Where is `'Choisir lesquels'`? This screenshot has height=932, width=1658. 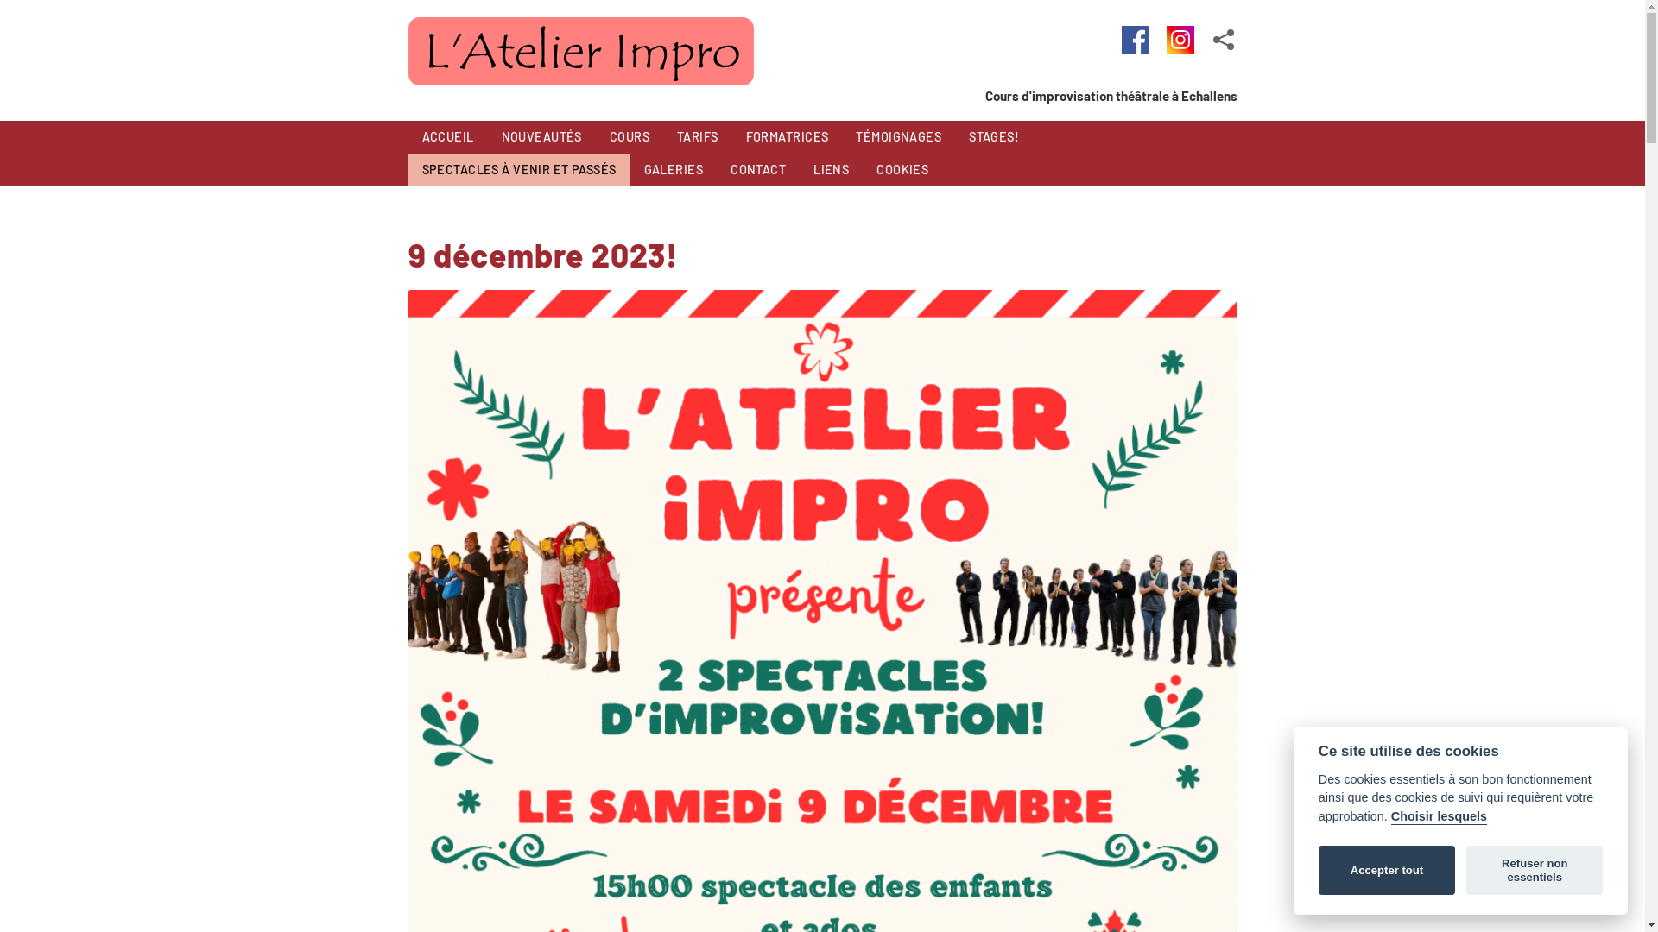
'Choisir lesquels' is located at coordinates (1391, 816).